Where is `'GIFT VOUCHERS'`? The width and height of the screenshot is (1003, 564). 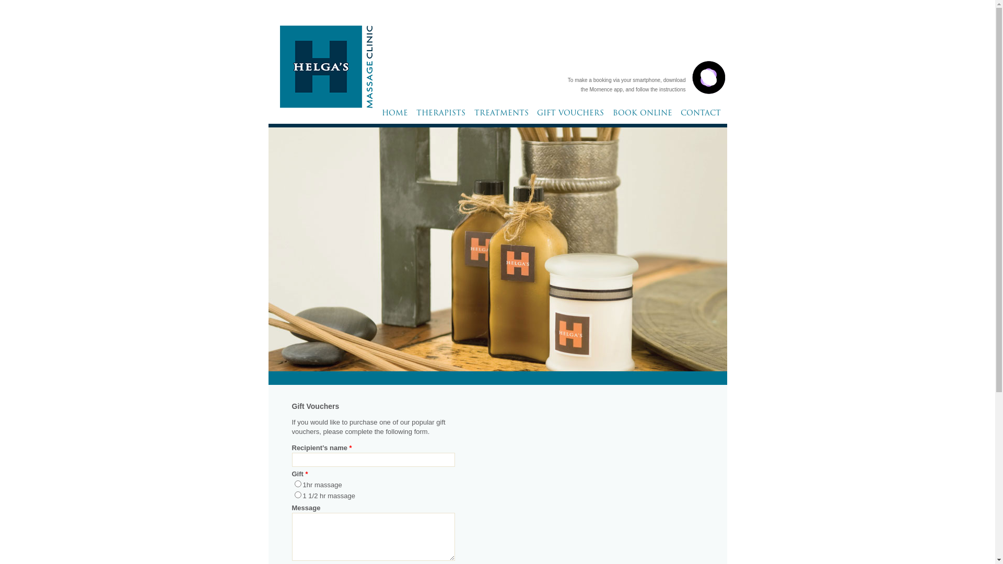 'GIFT VOUCHERS' is located at coordinates (570, 116).